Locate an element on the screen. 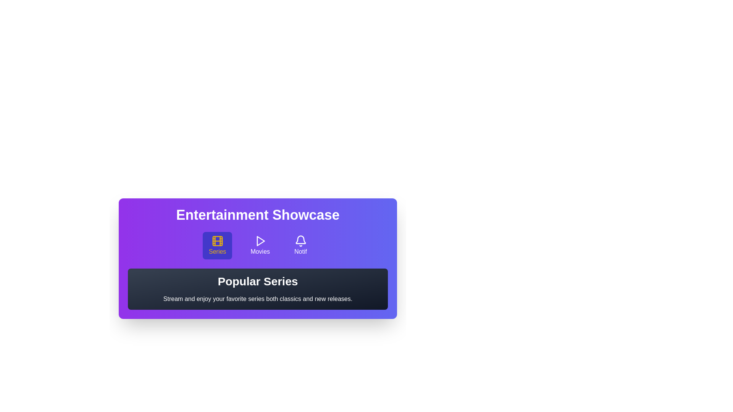  text content of the Header text element that serves as a section title indicating the available content or functionality, specifically highlighting popular series is located at coordinates (258, 281).